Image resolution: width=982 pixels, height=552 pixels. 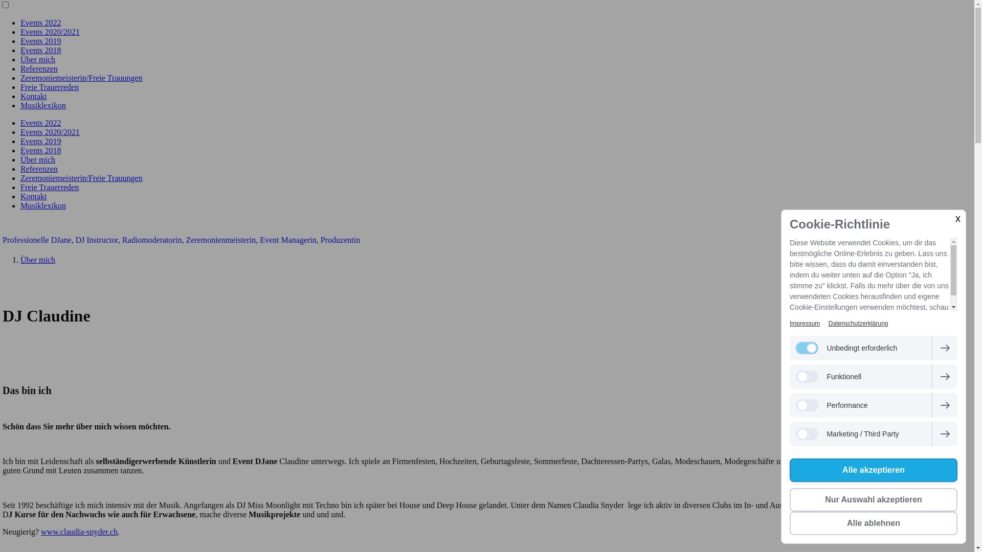 I want to click on 'Events 2020/2021', so click(x=49, y=31).